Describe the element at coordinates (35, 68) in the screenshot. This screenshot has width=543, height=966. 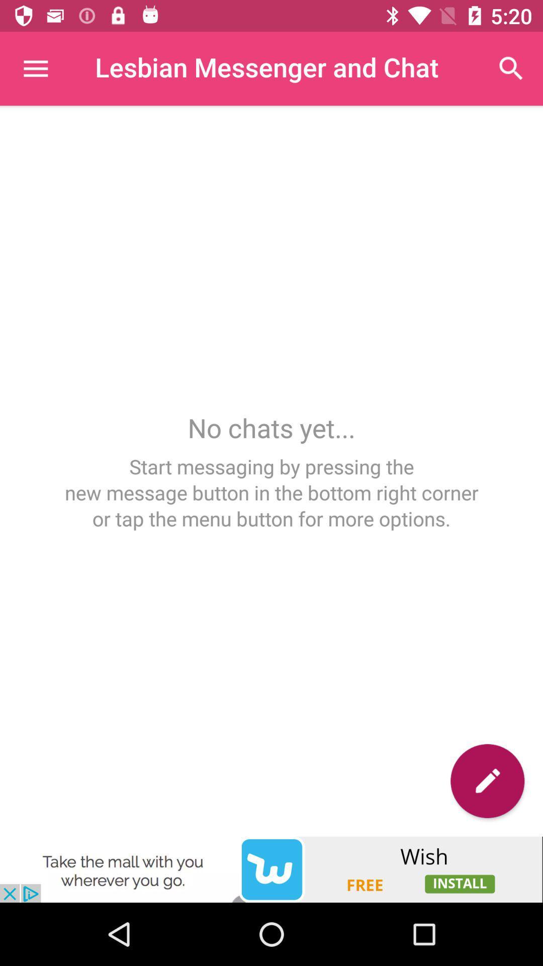
I see `the main menu` at that location.